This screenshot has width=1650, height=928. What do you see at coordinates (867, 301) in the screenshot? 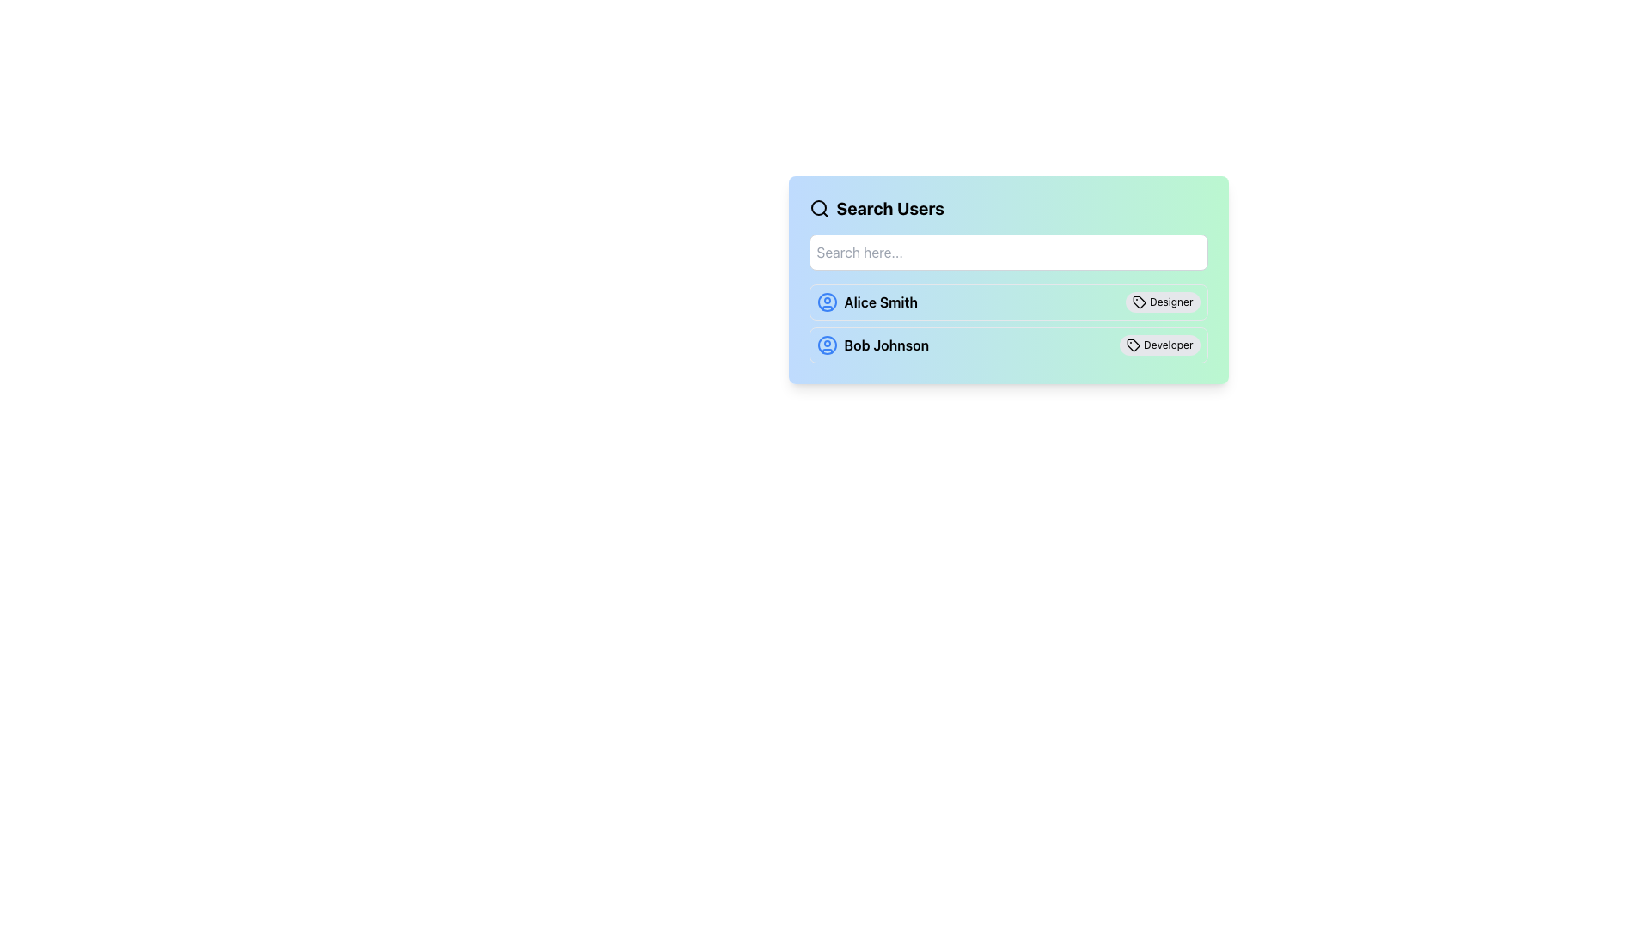
I see `label with the icon representing 'Alice Smith' located in the 'Search Users' section for visual information` at bounding box center [867, 301].